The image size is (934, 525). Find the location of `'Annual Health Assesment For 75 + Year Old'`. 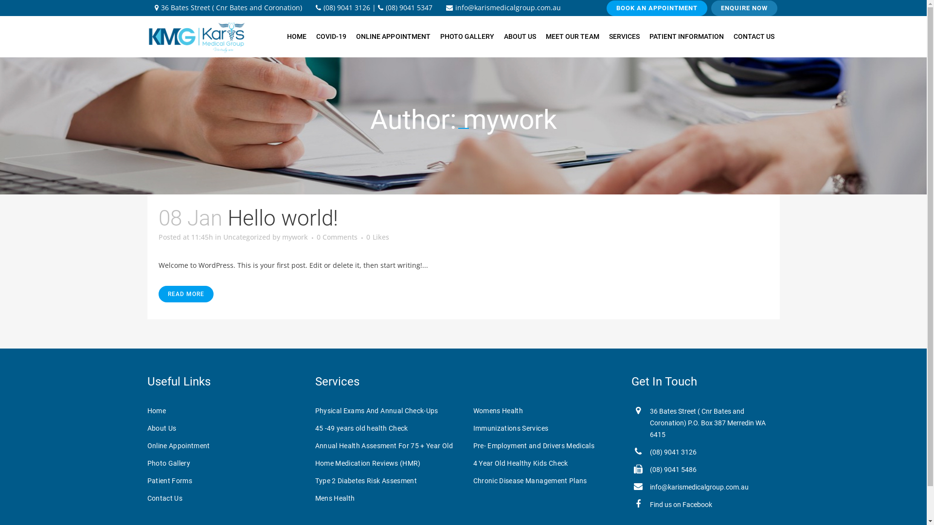

'Annual Health Assesment For 75 + Year Old' is located at coordinates (386, 446).